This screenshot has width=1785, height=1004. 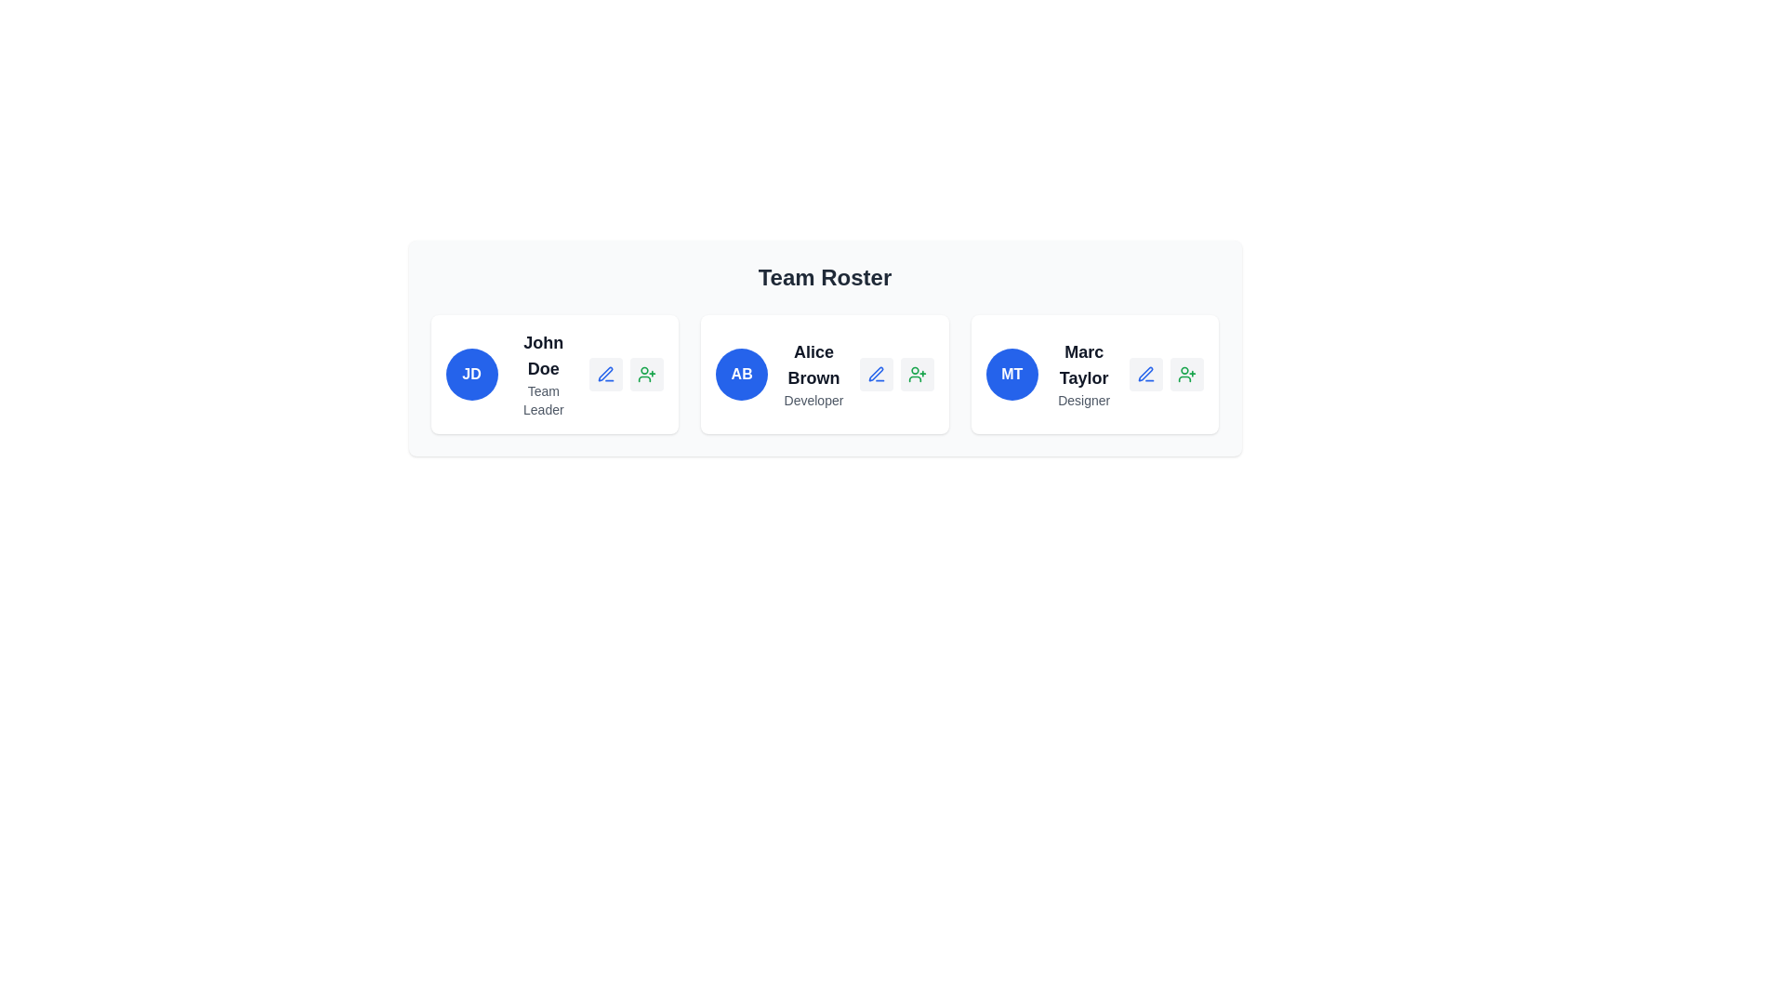 What do you see at coordinates (741, 374) in the screenshot?
I see `the User Avatar Badge displaying initials 'AB'` at bounding box center [741, 374].